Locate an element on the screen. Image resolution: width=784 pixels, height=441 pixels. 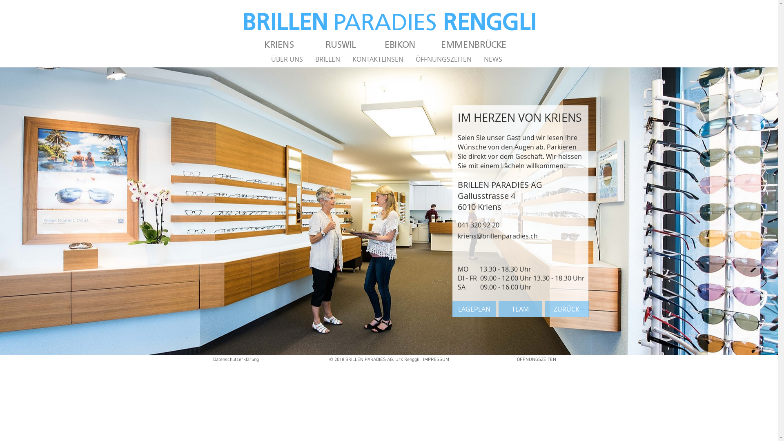
'EBIKON' is located at coordinates (400, 44).